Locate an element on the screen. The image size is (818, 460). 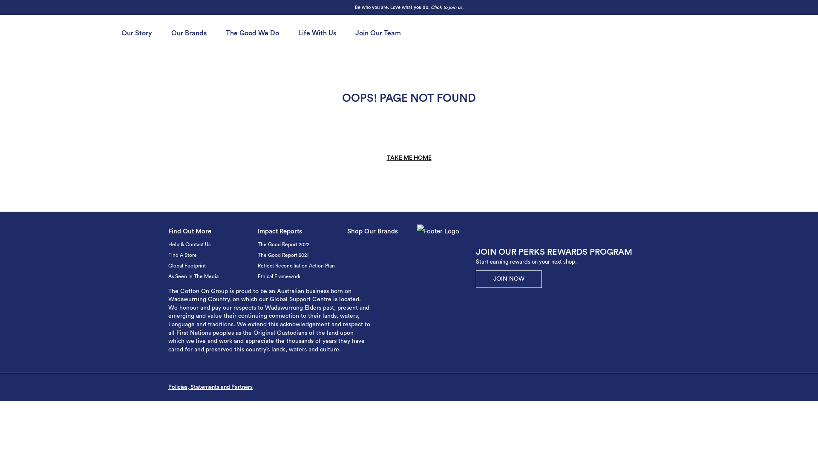
'Find Out More' is located at coordinates (168, 231).